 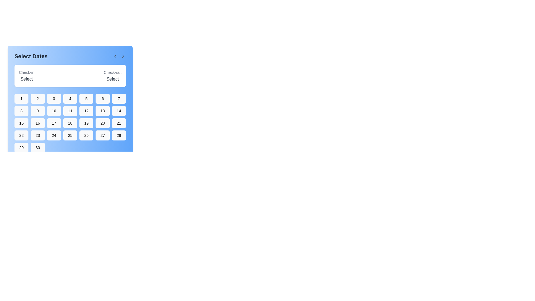 What do you see at coordinates (37, 135) in the screenshot?
I see `the selectable day button in the calendar interface, located in the fifth row and second column, between buttons '22' and '24'` at bounding box center [37, 135].